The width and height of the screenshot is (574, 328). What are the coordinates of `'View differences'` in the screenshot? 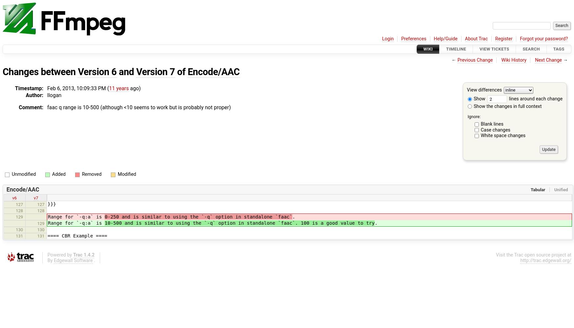 It's located at (484, 90).